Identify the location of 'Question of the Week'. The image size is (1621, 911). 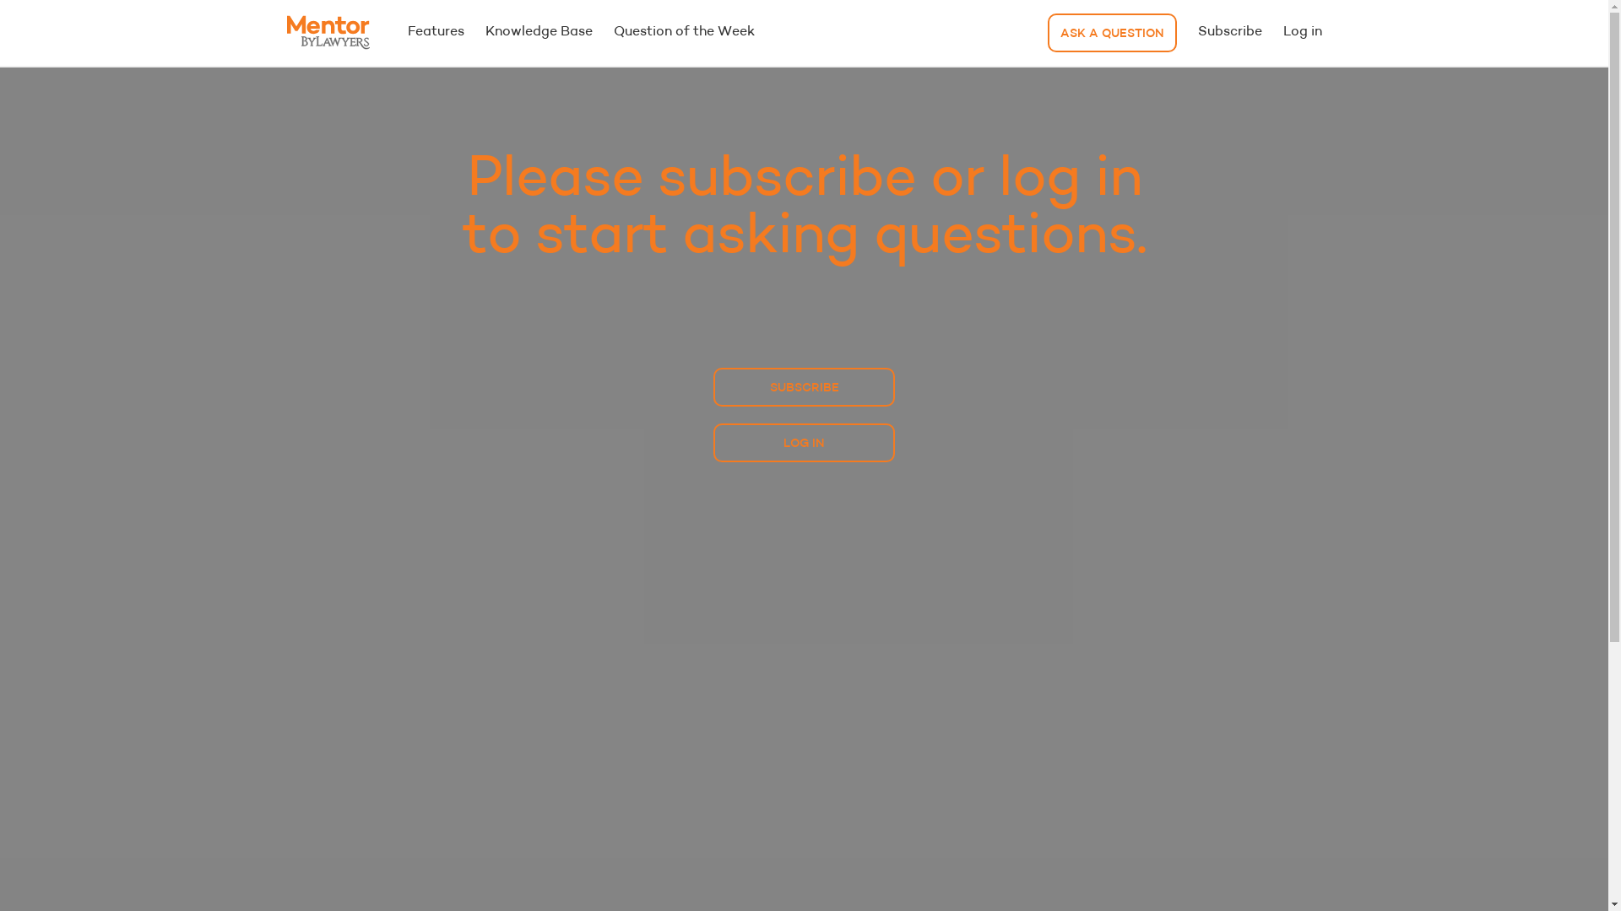
(611, 32).